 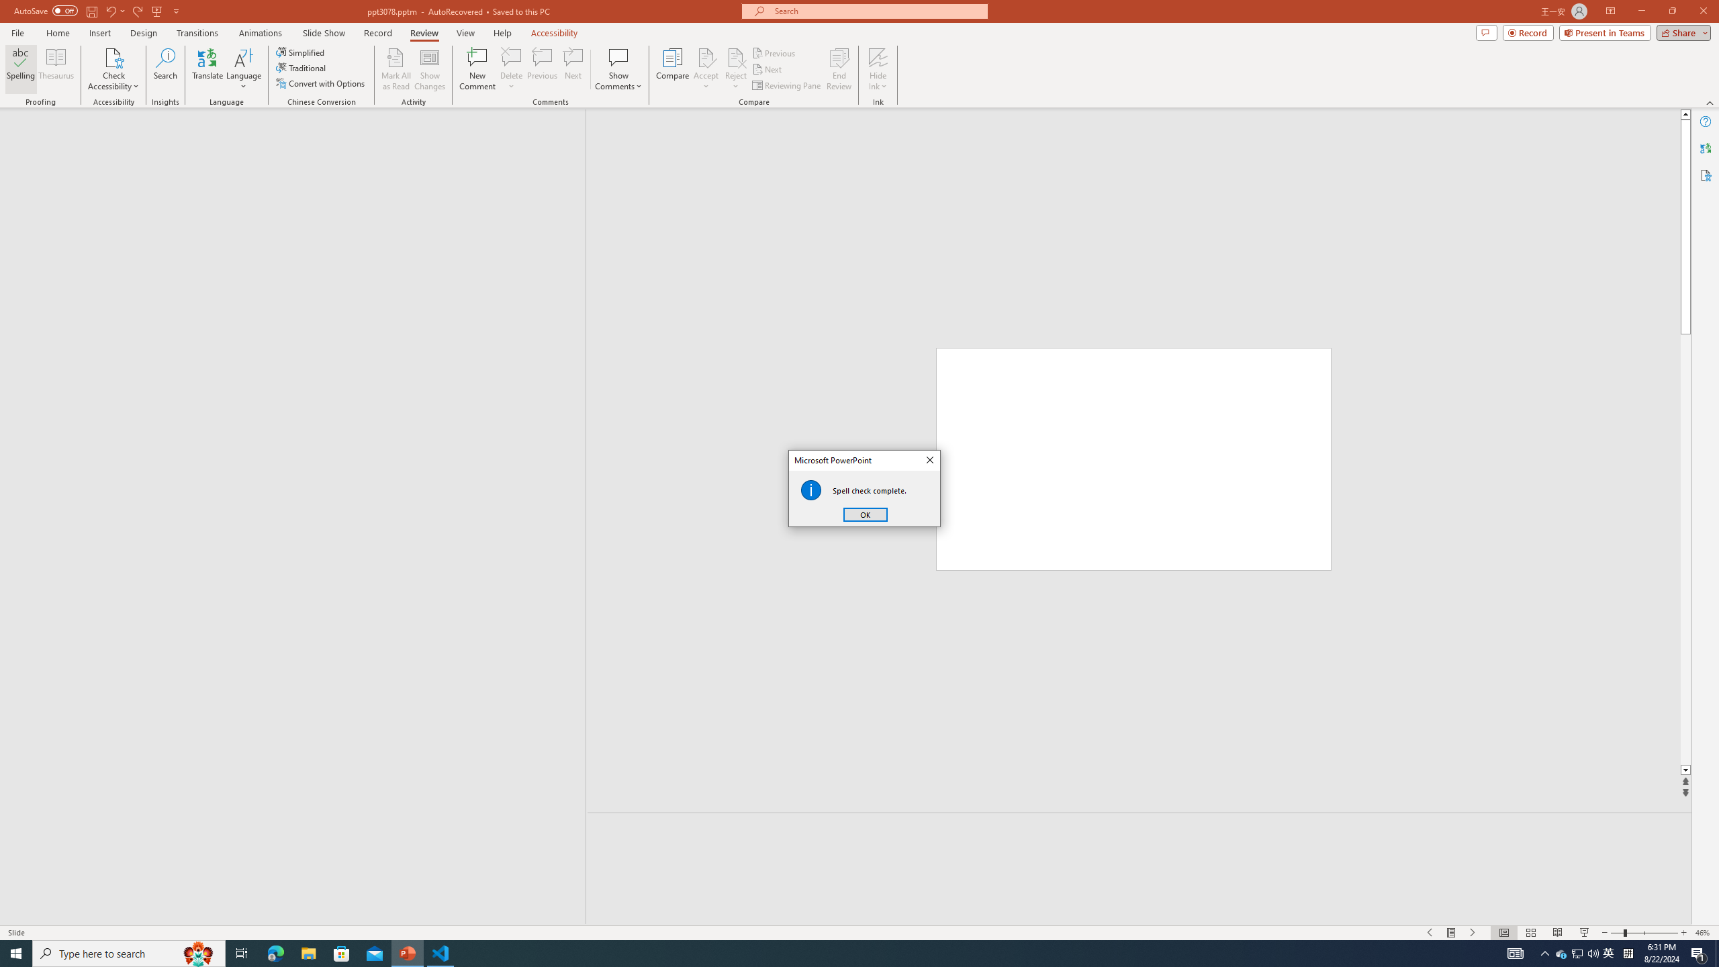 I want to click on 'Restore Down', so click(x=1672, y=11).